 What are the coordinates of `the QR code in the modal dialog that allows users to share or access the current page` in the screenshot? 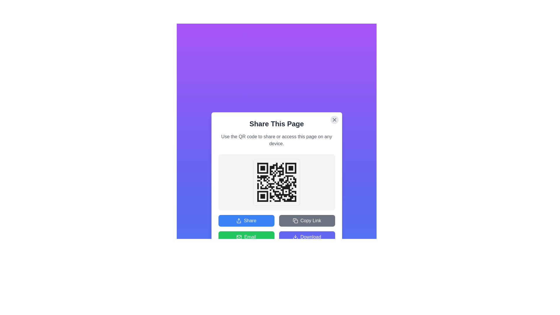 It's located at (276, 181).